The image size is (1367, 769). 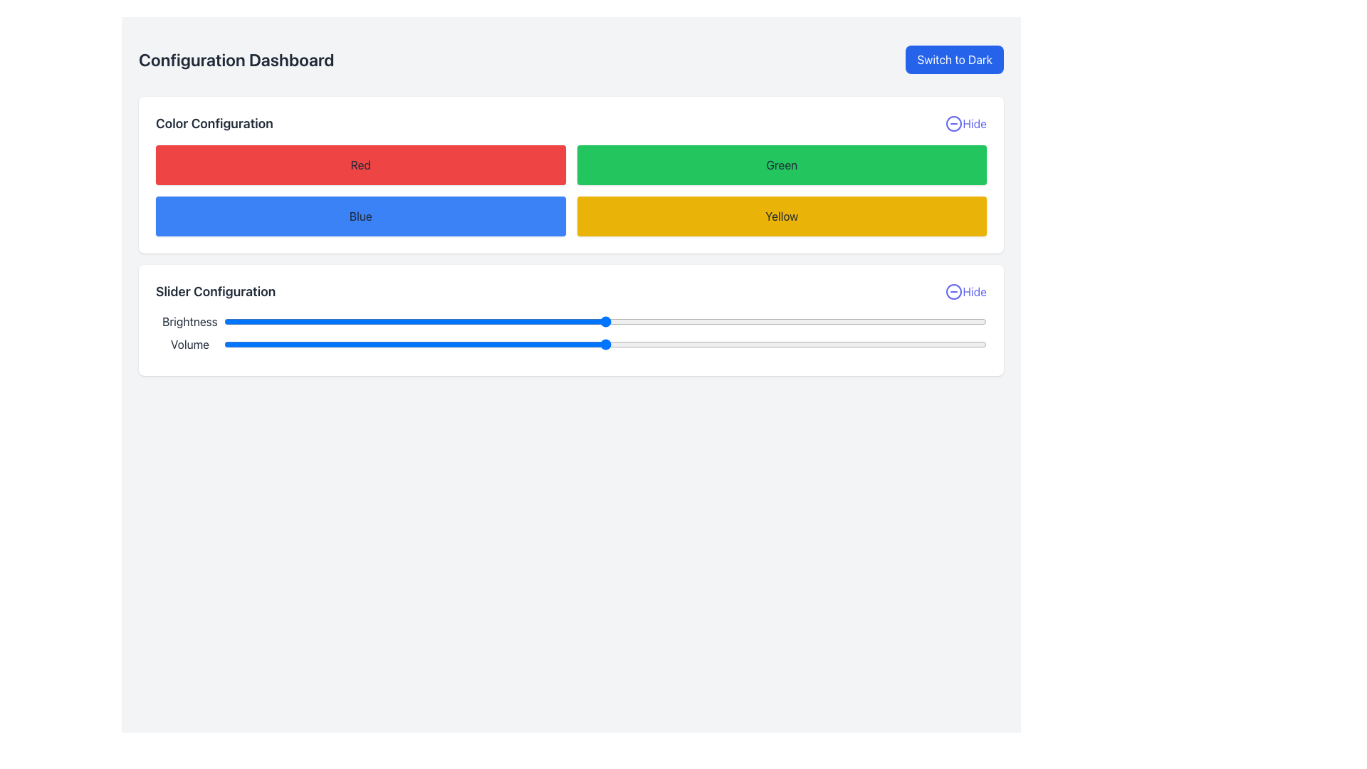 I want to click on the slider value, so click(x=819, y=344).